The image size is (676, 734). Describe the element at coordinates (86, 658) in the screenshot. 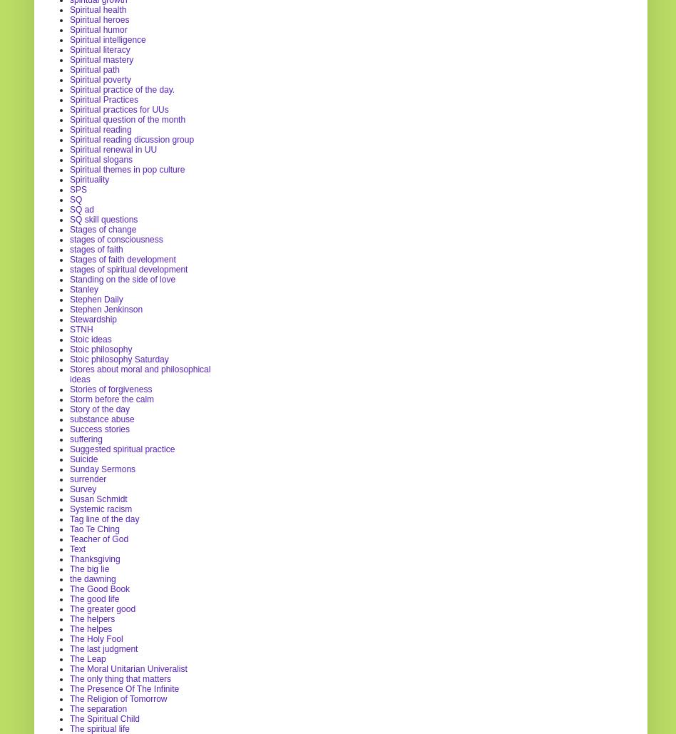

I see `'The Leap'` at that location.